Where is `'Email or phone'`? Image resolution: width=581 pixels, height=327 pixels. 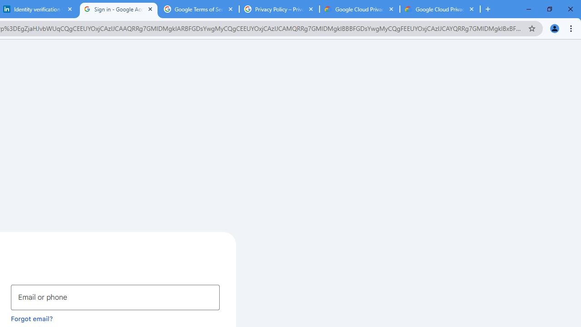 'Email or phone' is located at coordinates (115, 297).